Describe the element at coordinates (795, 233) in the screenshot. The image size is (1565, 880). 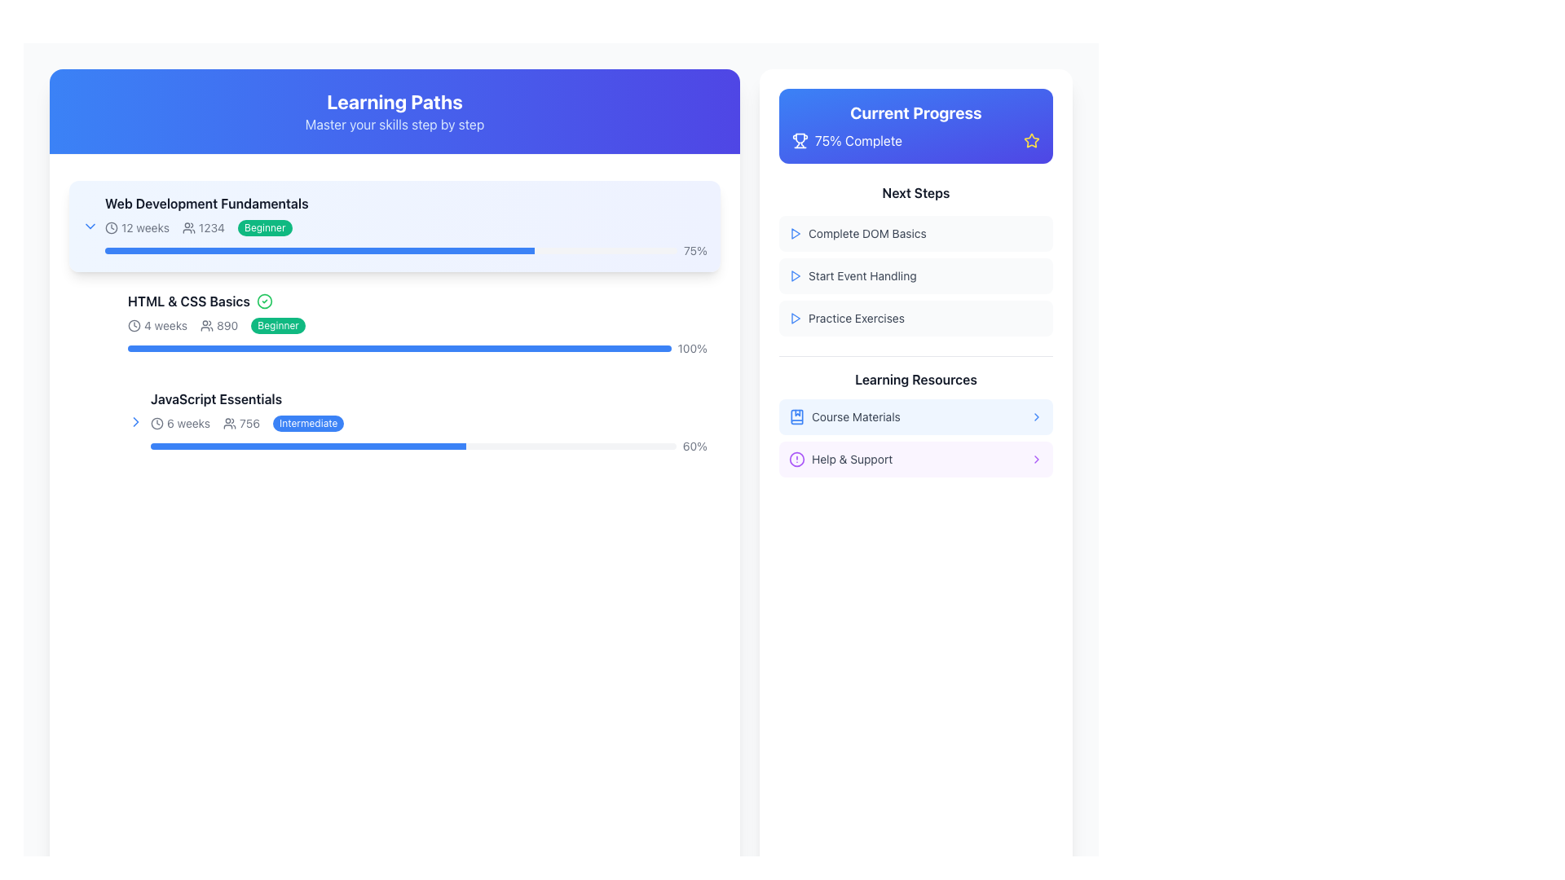
I see `the play button located to the left of the text 'Complete DOM Basics'` at that location.